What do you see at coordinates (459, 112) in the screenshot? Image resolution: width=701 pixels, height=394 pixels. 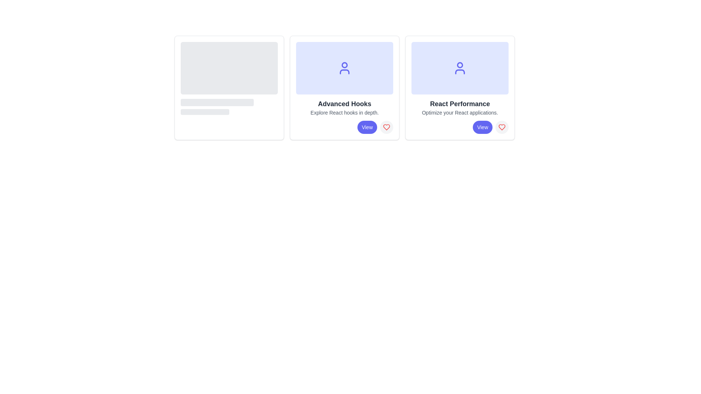 I see `the text display that provides a brief description related to the 'React Performance' topic, positioned below the title 'React Performance' and above the 'View' button in the third card` at bounding box center [459, 112].